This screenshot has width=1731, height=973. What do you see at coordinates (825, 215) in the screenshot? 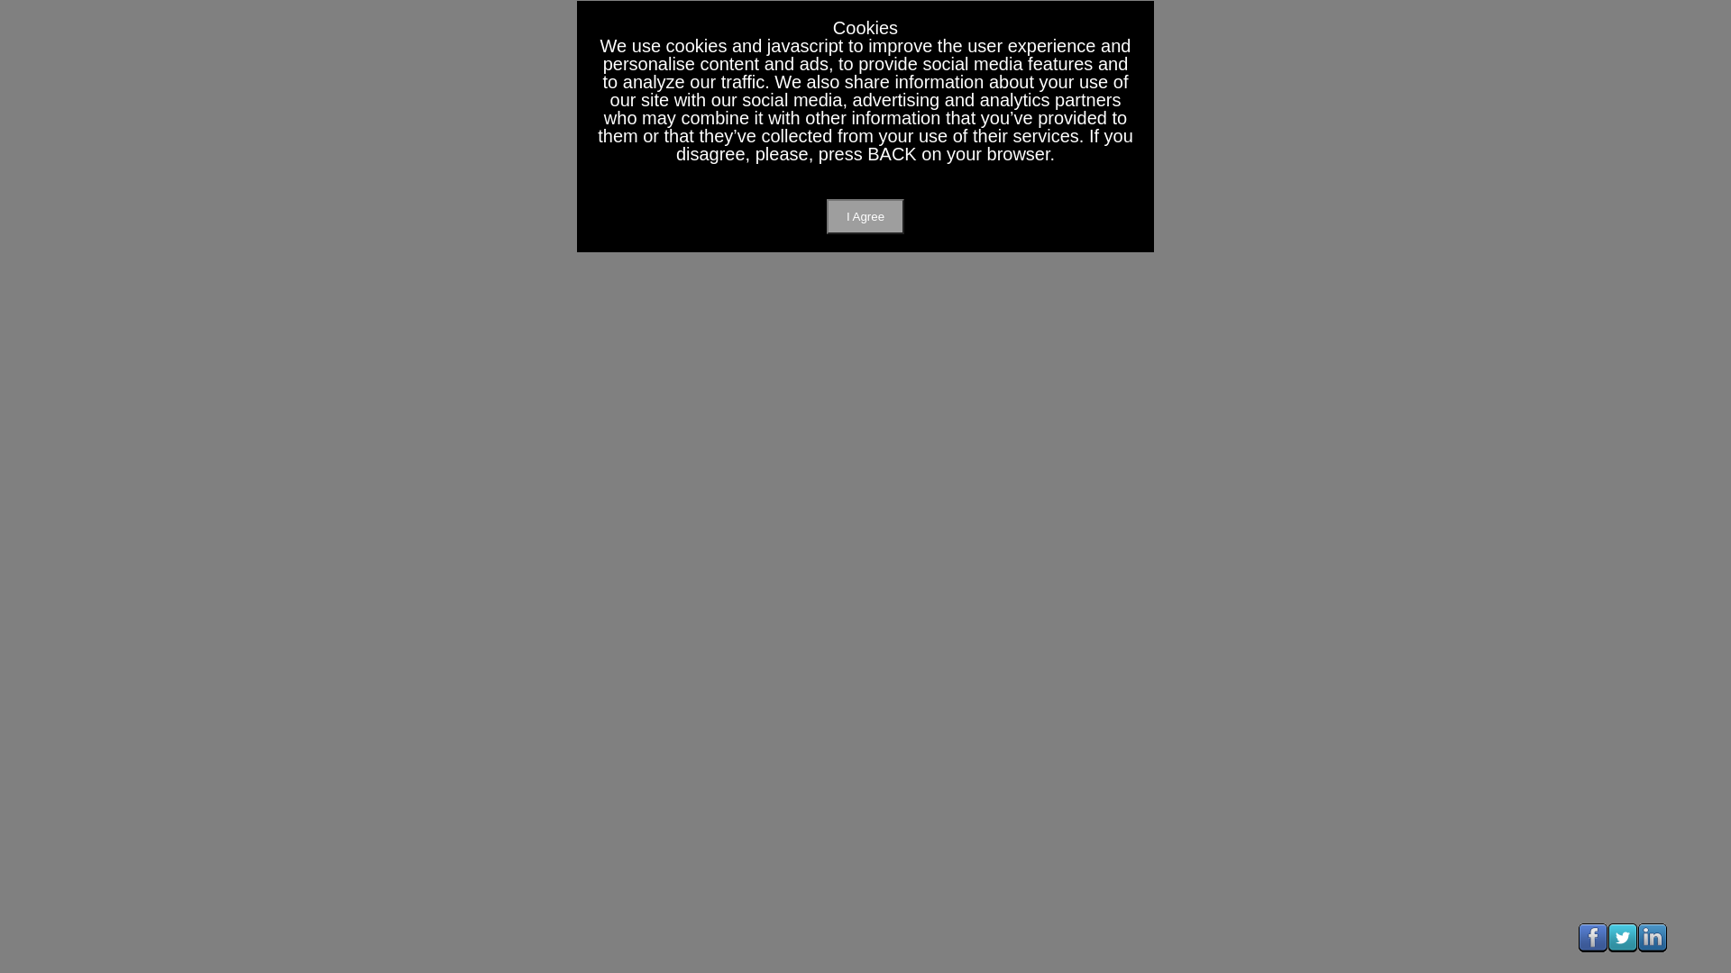
I see `'I Agree'` at bounding box center [825, 215].